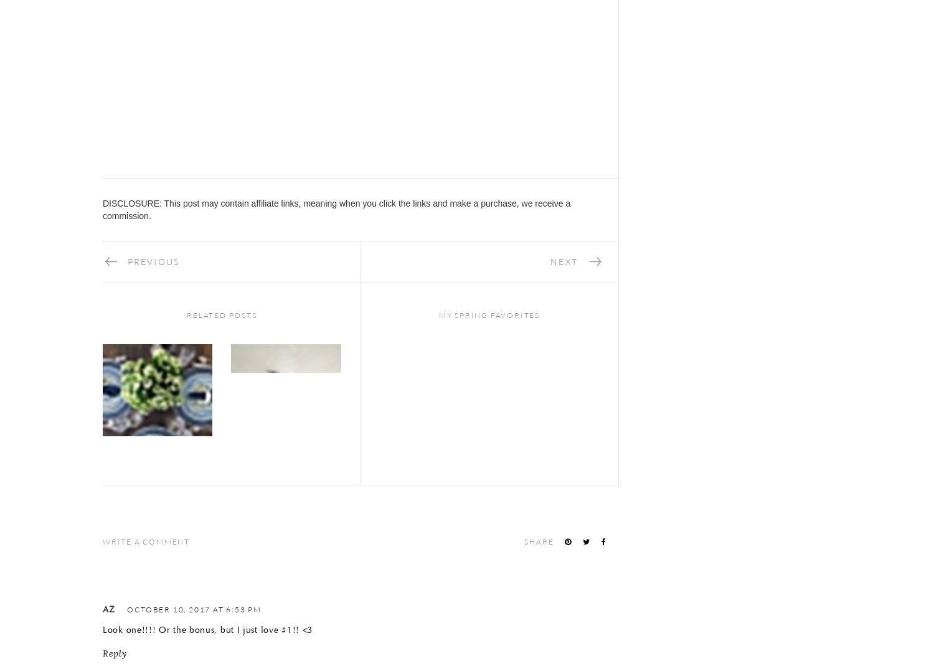 This screenshot has width=934, height=669. What do you see at coordinates (488, 314) in the screenshot?
I see `'My Spring Favorites'` at bounding box center [488, 314].